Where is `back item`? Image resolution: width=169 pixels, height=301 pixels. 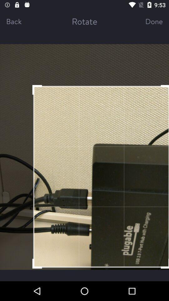 back item is located at coordinates (20, 21).